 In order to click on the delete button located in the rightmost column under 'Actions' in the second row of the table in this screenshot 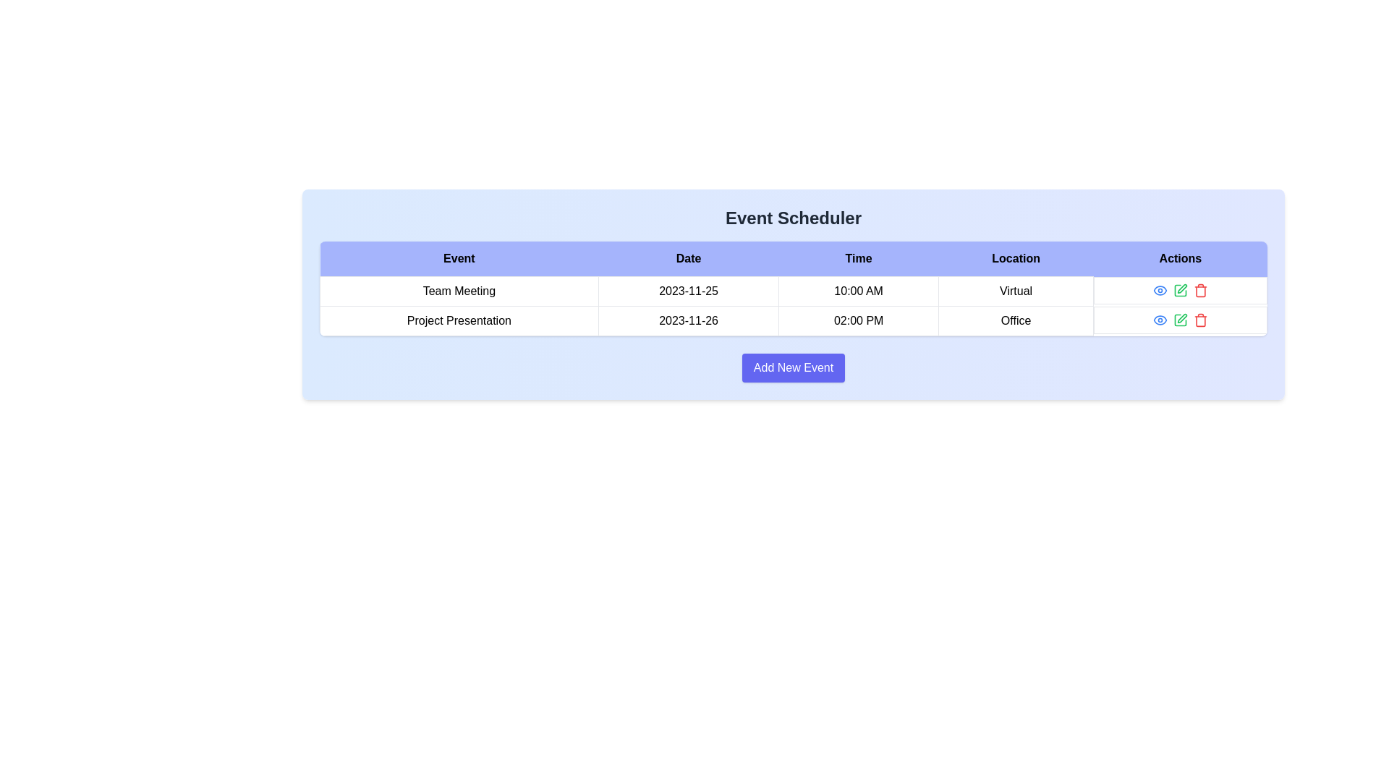, I will do `click(1201, 319)`.